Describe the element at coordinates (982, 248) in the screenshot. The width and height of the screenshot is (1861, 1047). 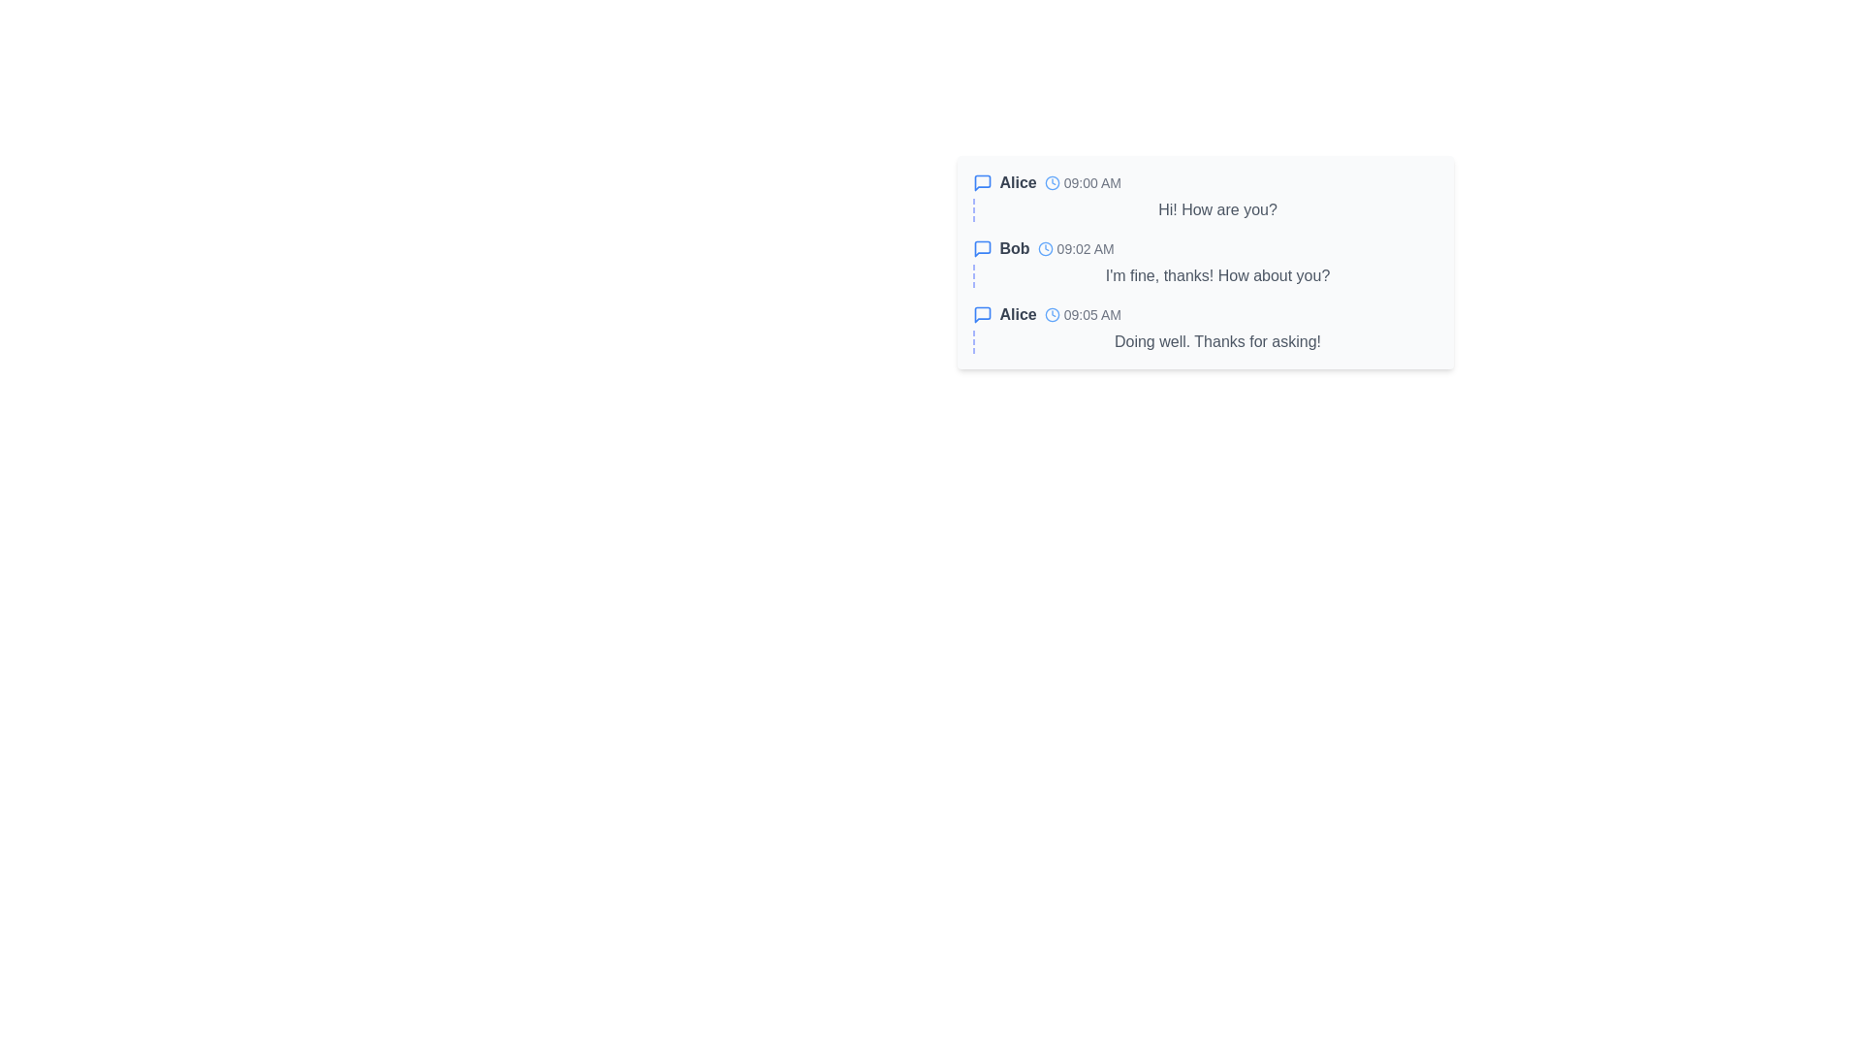
I see `the speech bubble icon located to the left of the name 'Bob' in the conversation interface` at that location.